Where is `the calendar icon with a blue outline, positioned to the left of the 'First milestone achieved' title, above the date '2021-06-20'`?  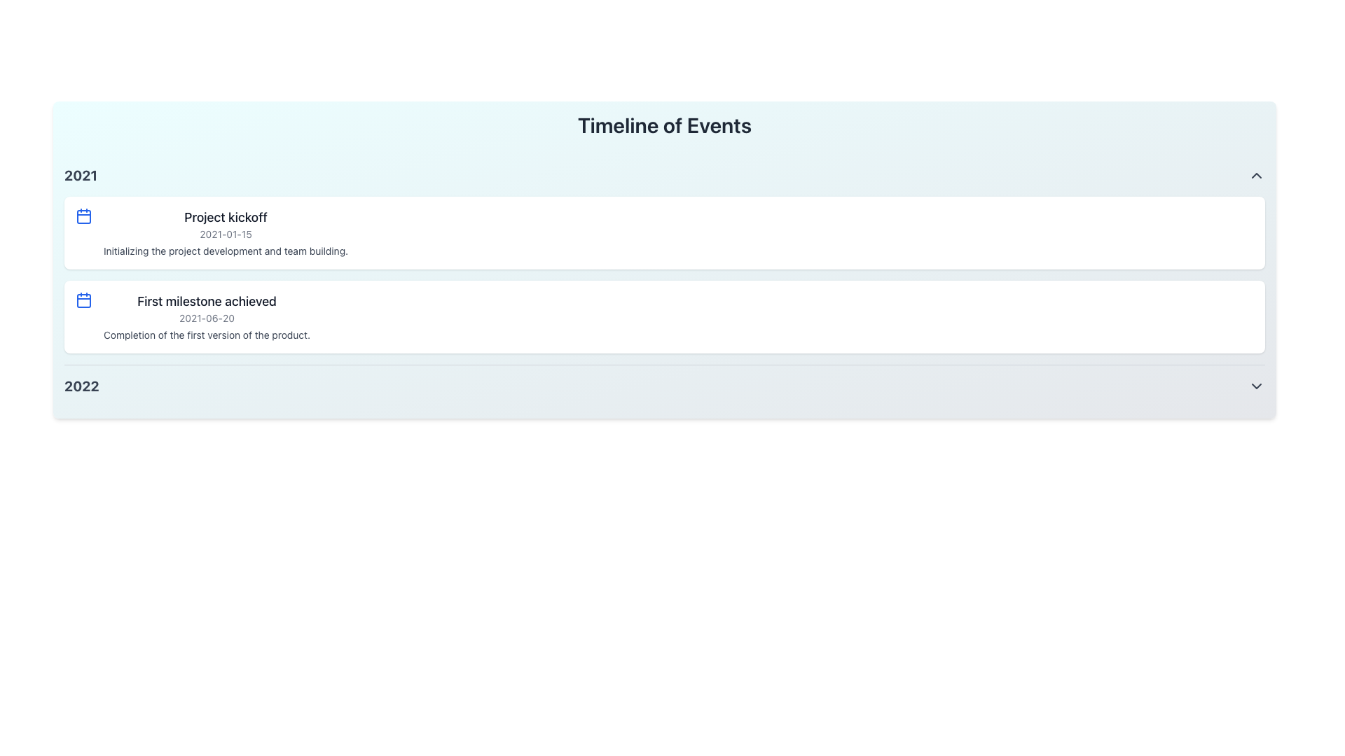 the calendar icon with a blue outline, positioned to the left of the 'First milestone achieved' title, above the date '2021-06-20' is located at coordinates (83, 299).